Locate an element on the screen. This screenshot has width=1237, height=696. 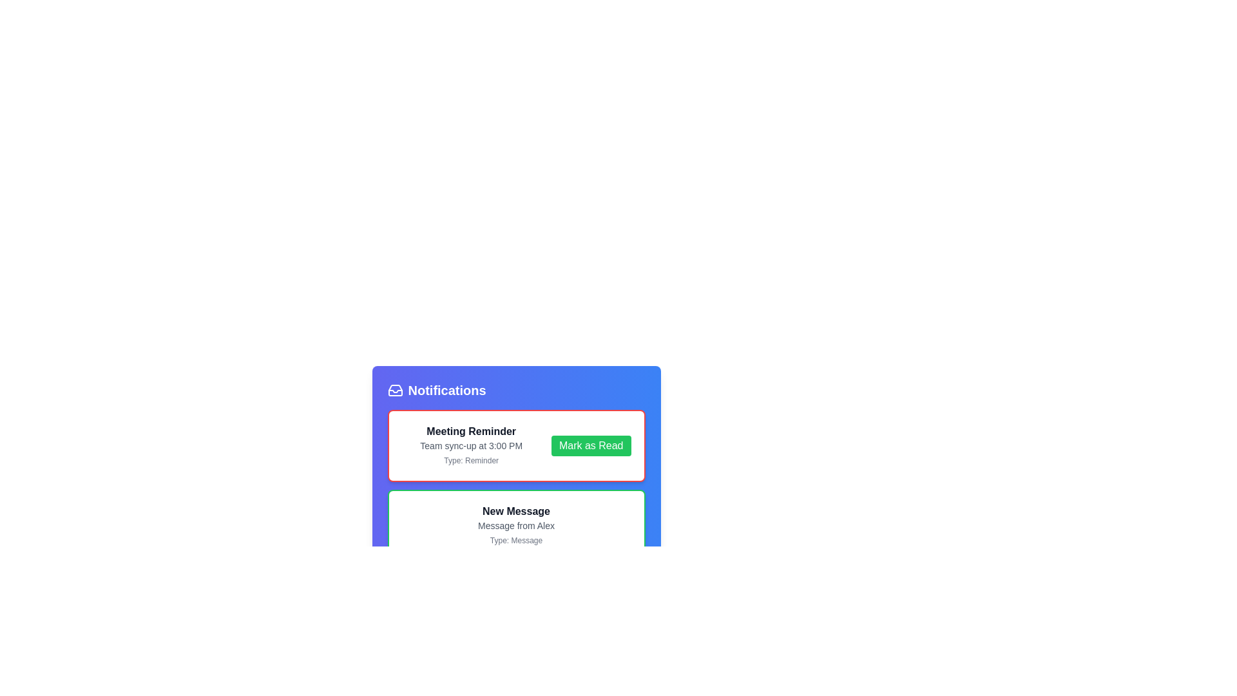
the Notification Group element containing 'Meeting Reminder' and 'New Message' notifications is located at coordinates (516, 485).